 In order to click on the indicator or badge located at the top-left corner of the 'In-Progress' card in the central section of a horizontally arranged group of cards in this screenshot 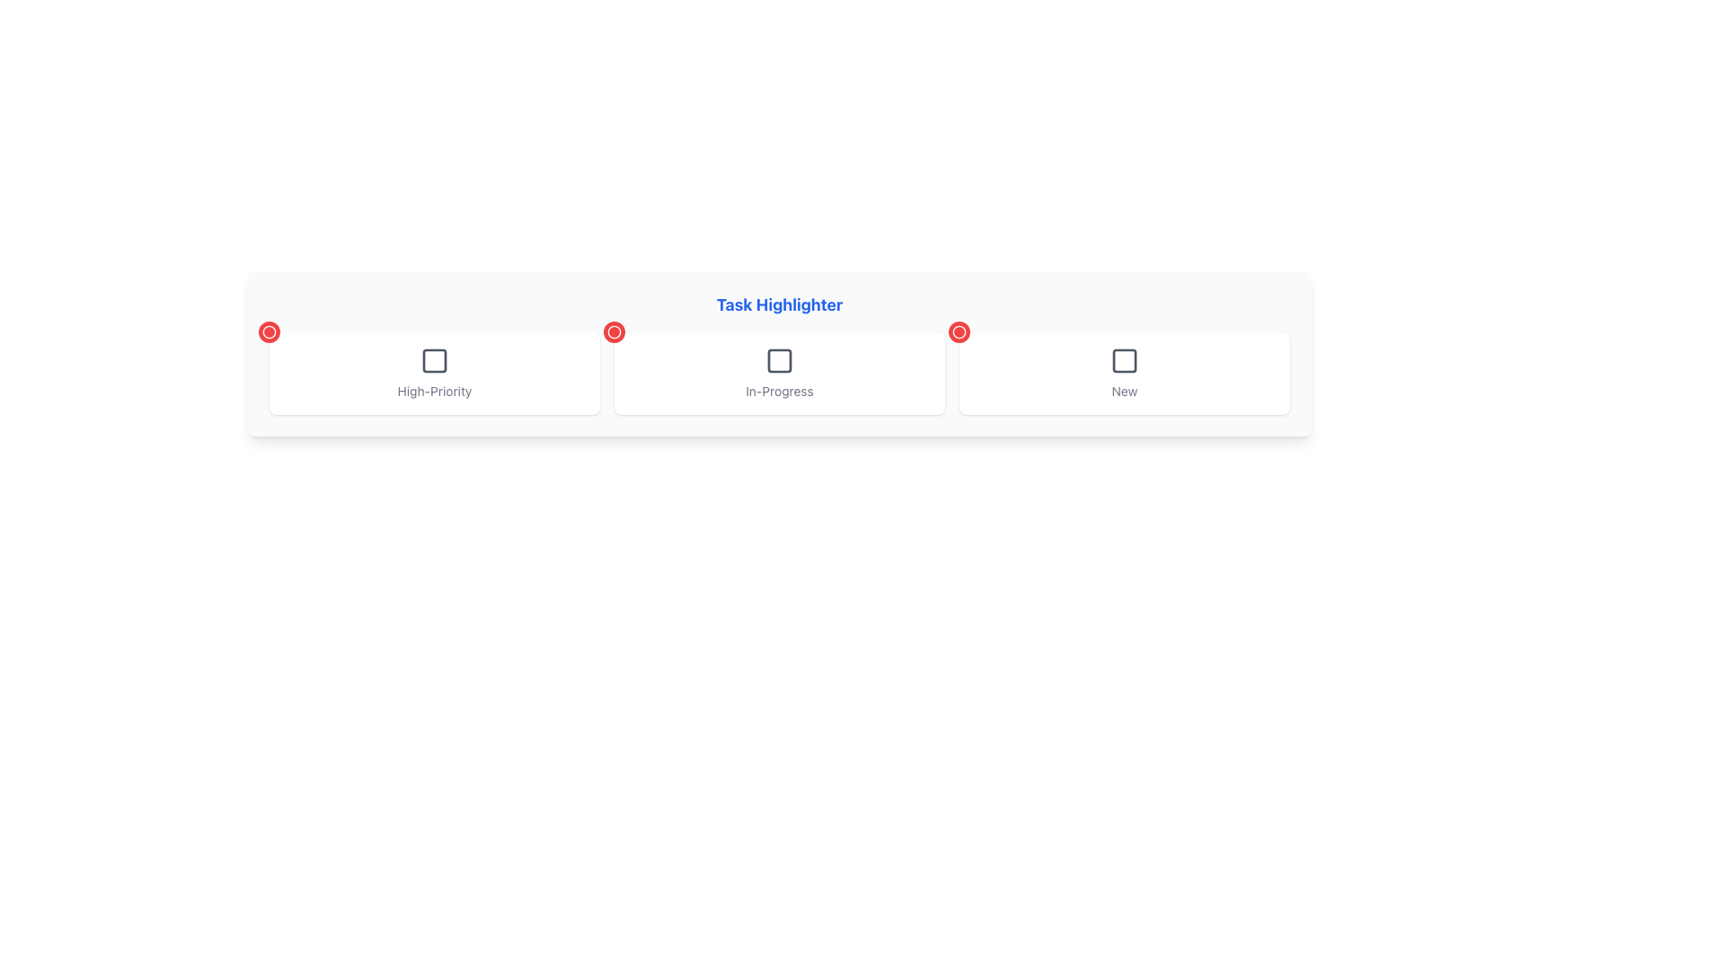, I will do `click(615, 332)`.